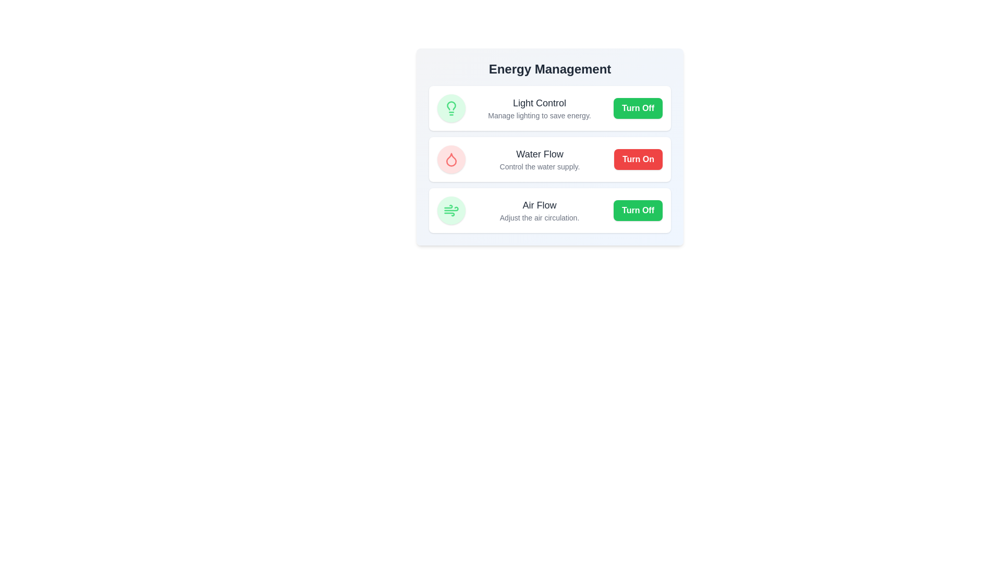  What do you see at coordinates (638, 108) in the screenshot?
I see `the 'Turn Off' button, which is a prominent green button with white bold text, located in the 'Light Control' section next to the description 'Manage lighting` at bounding box center [638, 108].